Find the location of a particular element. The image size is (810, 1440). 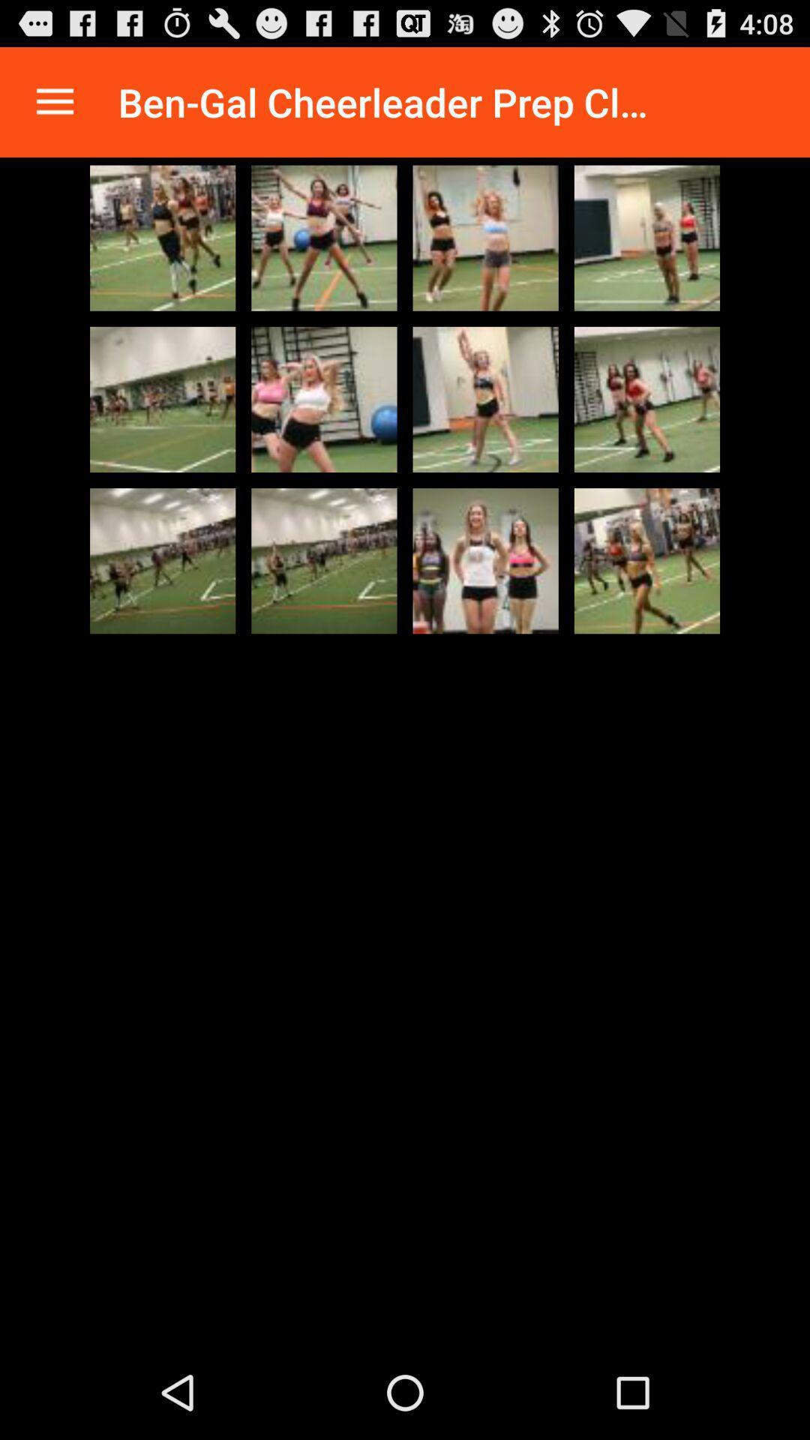

review menu is located at coordinates (54, 101).